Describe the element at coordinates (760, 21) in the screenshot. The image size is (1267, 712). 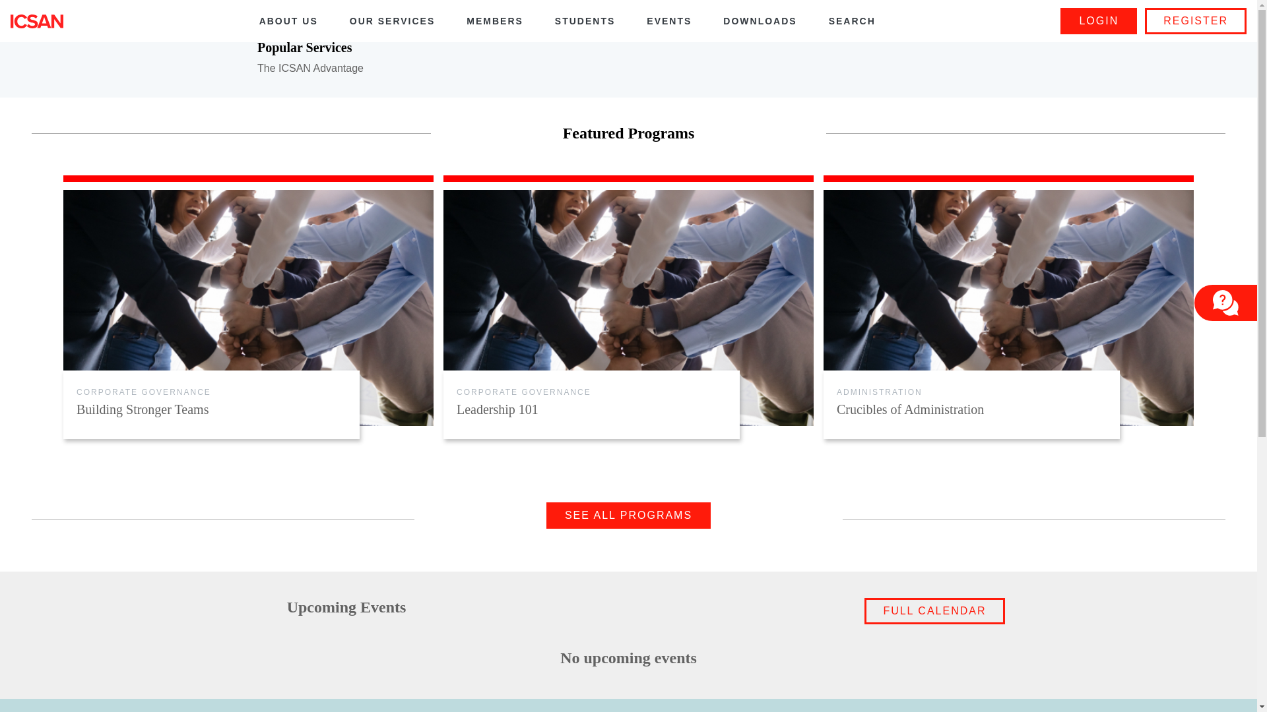
I see `'DOWNLOADS'` at that location.